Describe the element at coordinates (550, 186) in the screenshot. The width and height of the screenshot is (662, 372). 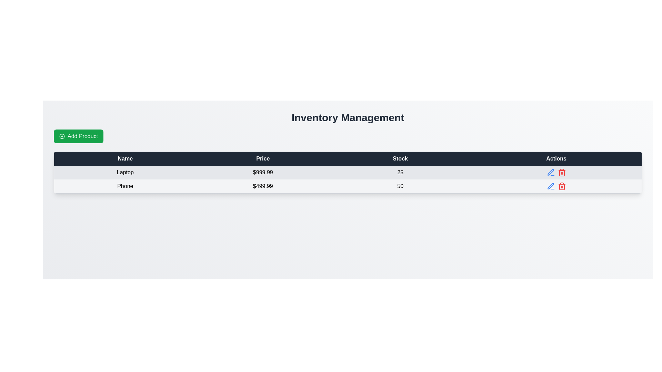
I see `the pen-like icon button, which is styled with a blue stroke and located in the second row under the 'Actions' column of the table` at that location.